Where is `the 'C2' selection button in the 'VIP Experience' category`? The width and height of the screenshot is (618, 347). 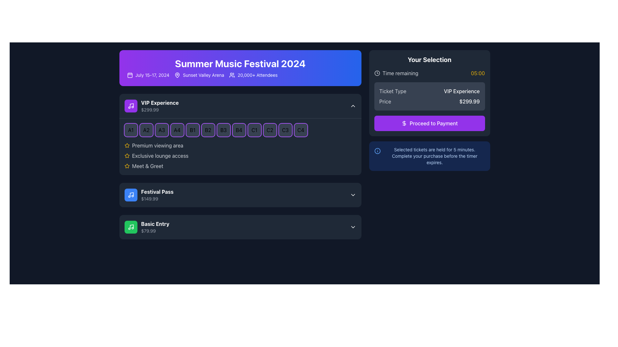
the 'C2' selection button in the 'VIP Experience' category is located at coordinates (270, 130).